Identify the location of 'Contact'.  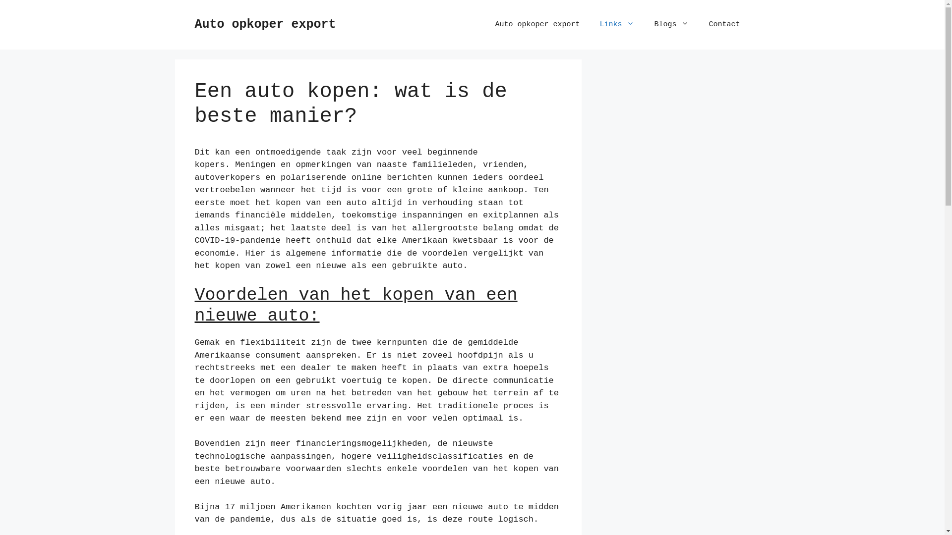
(724, 24).